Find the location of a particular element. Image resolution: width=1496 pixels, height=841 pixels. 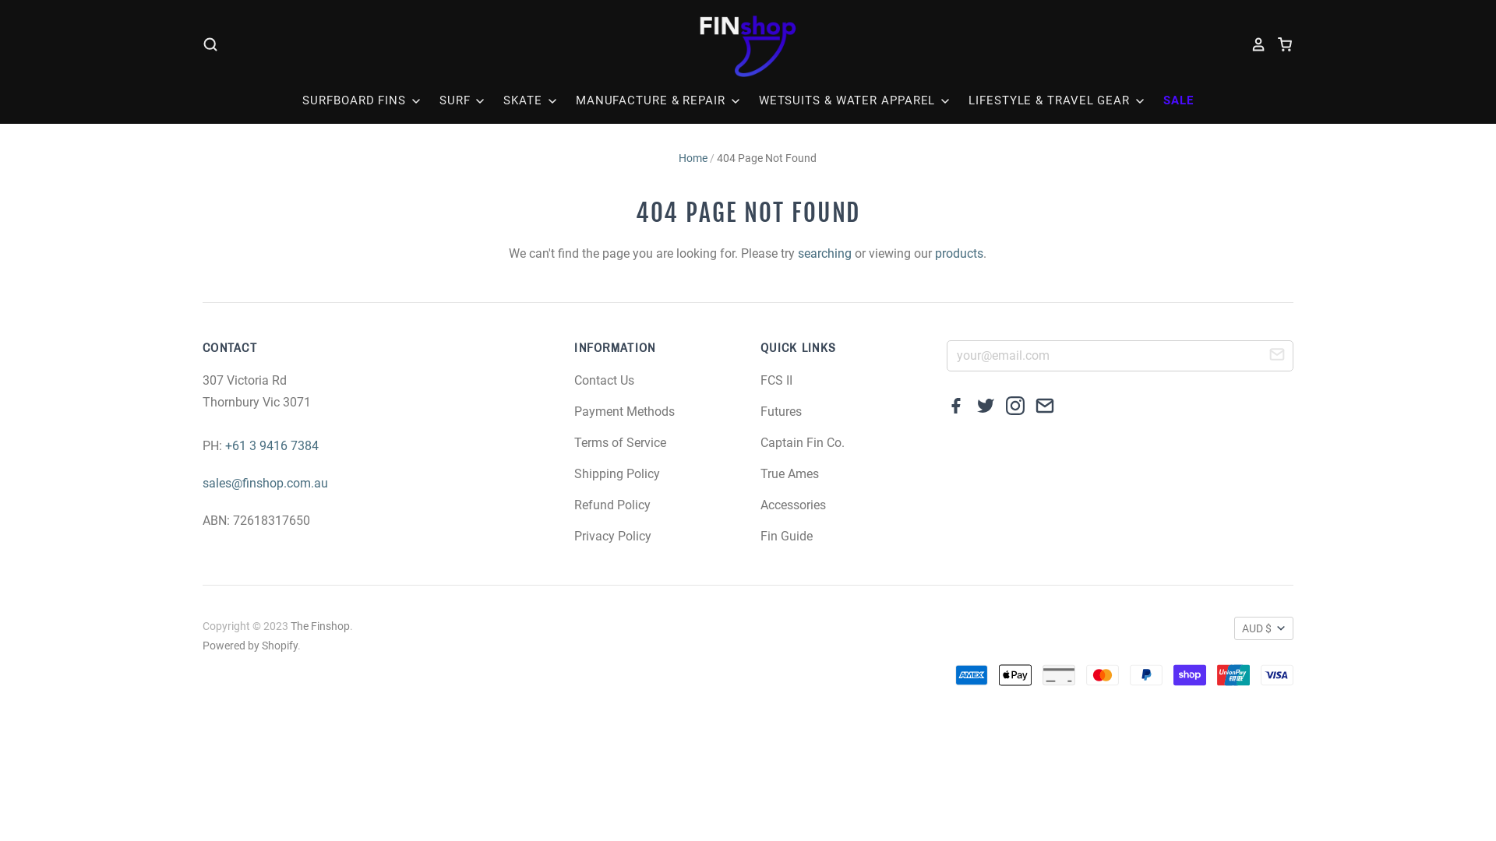

'Privacy Policy' is located at coordinates (612, 535).